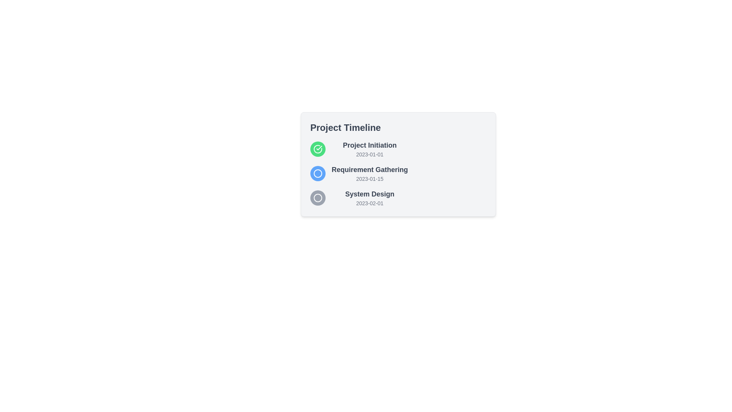 The image size is (732, 412). Describe the element at coordinates (318, 149) in the screenshot. I see `the green icon indicating the completion of the 'Project Initiation' milestone to interpret it as completed` at that location.